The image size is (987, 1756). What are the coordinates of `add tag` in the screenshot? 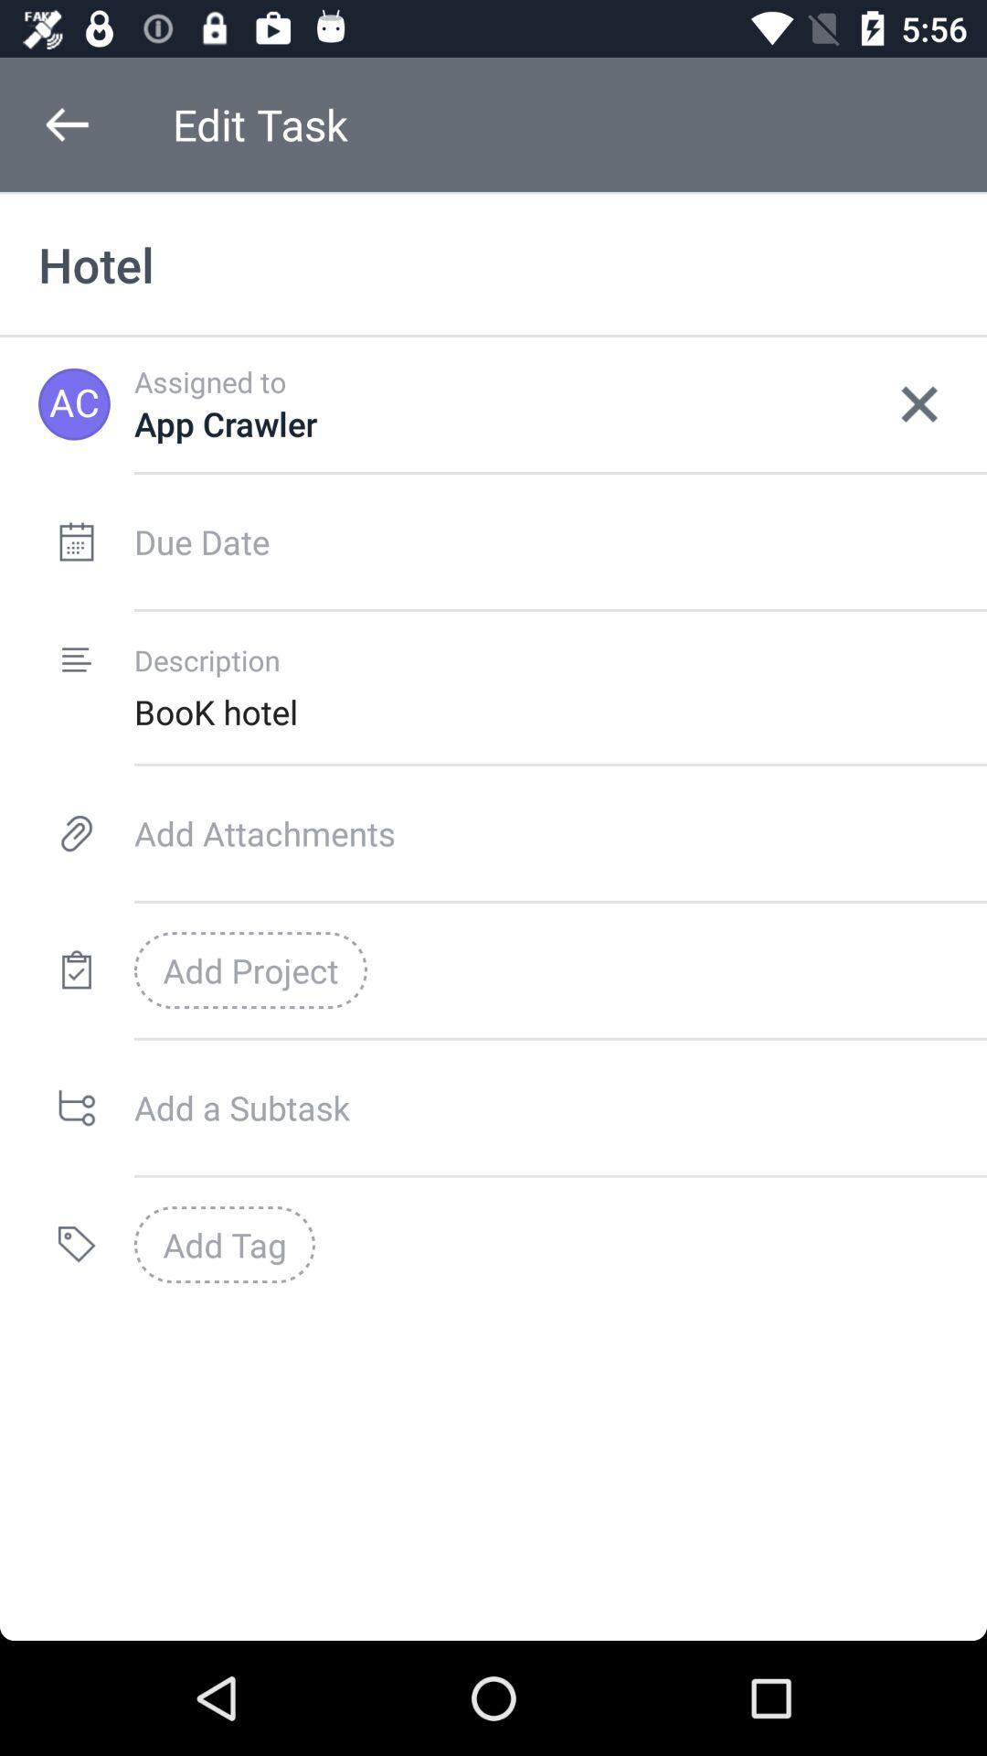 It's located at (224, 1244).